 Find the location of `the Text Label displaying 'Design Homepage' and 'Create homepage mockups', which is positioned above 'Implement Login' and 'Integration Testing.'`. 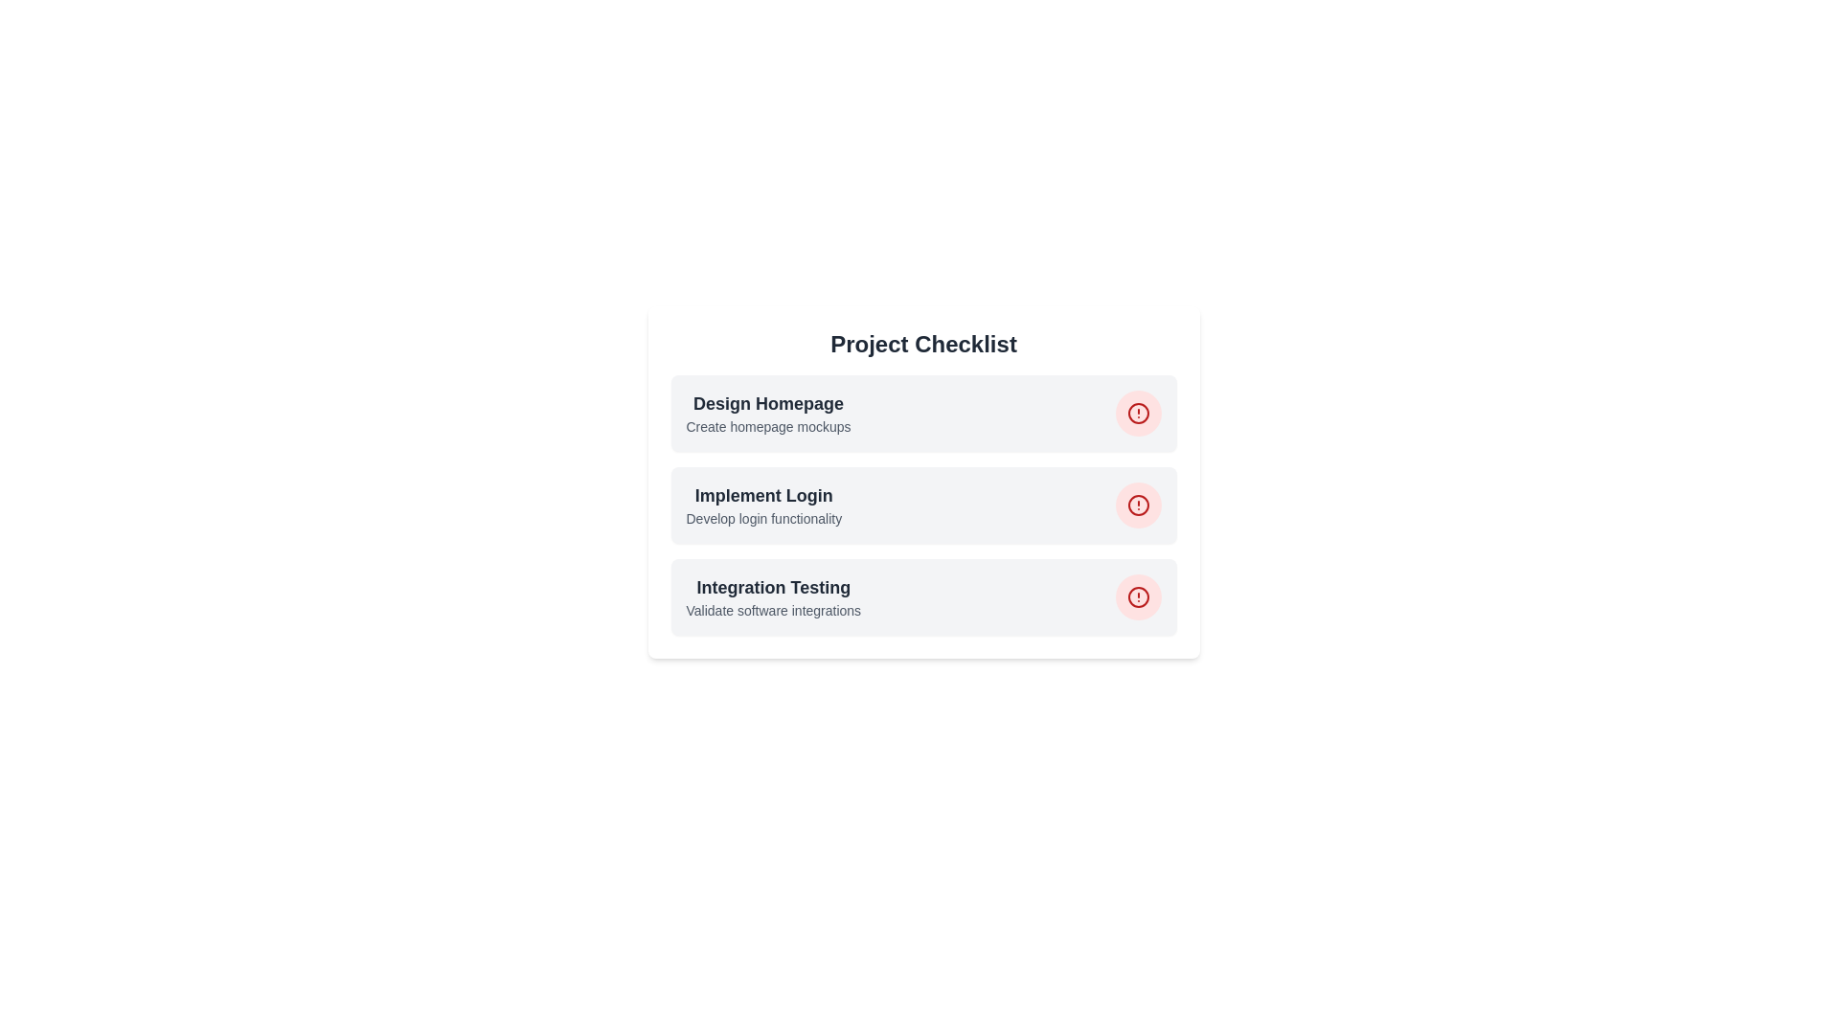

the Text Label displaying 'Design Homepage' and 'Create homepage mockups', which is positioned above 'Implement Login' and 'Integration Testing.' is located at coordinates (768, 413).